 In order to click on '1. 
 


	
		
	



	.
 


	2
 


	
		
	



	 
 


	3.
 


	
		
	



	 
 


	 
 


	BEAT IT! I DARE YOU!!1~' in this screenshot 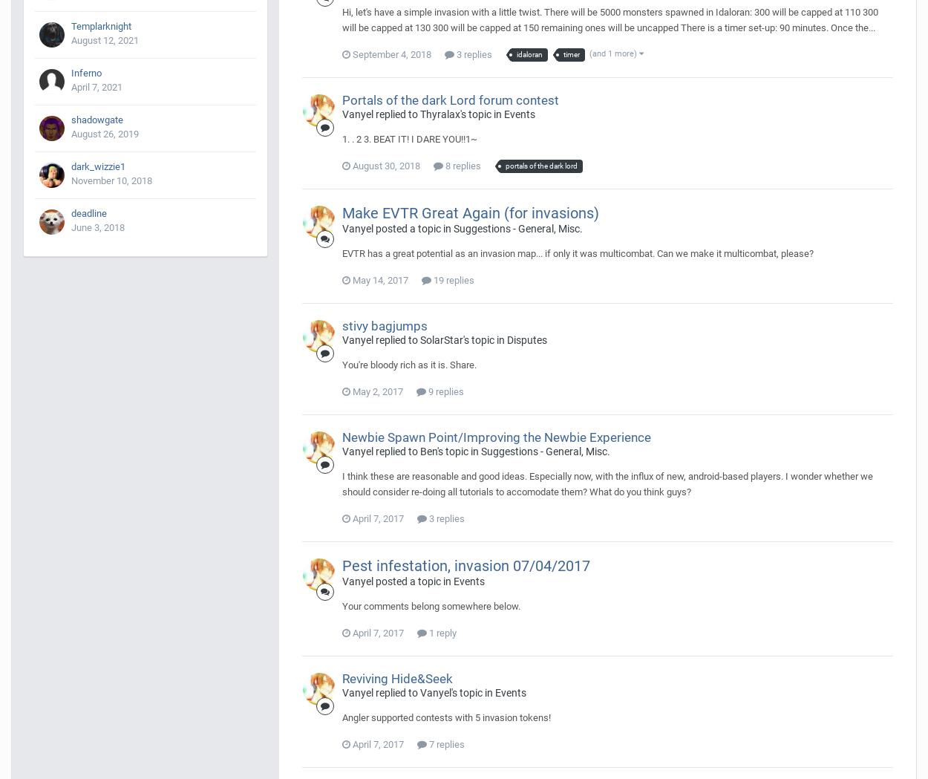, I will do `click(410, 137)`.